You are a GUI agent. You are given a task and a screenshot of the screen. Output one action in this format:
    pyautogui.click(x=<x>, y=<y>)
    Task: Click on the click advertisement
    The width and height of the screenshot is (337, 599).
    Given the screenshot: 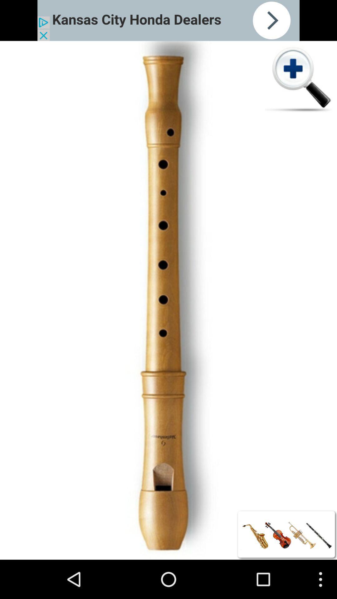 What is the action you would take?
    pyautogui.click(x=168, y=20)
    